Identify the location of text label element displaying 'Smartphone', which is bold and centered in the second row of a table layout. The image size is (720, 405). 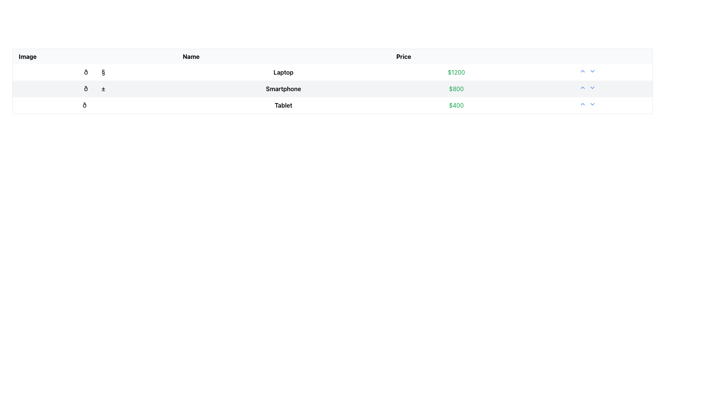
(283, 88).